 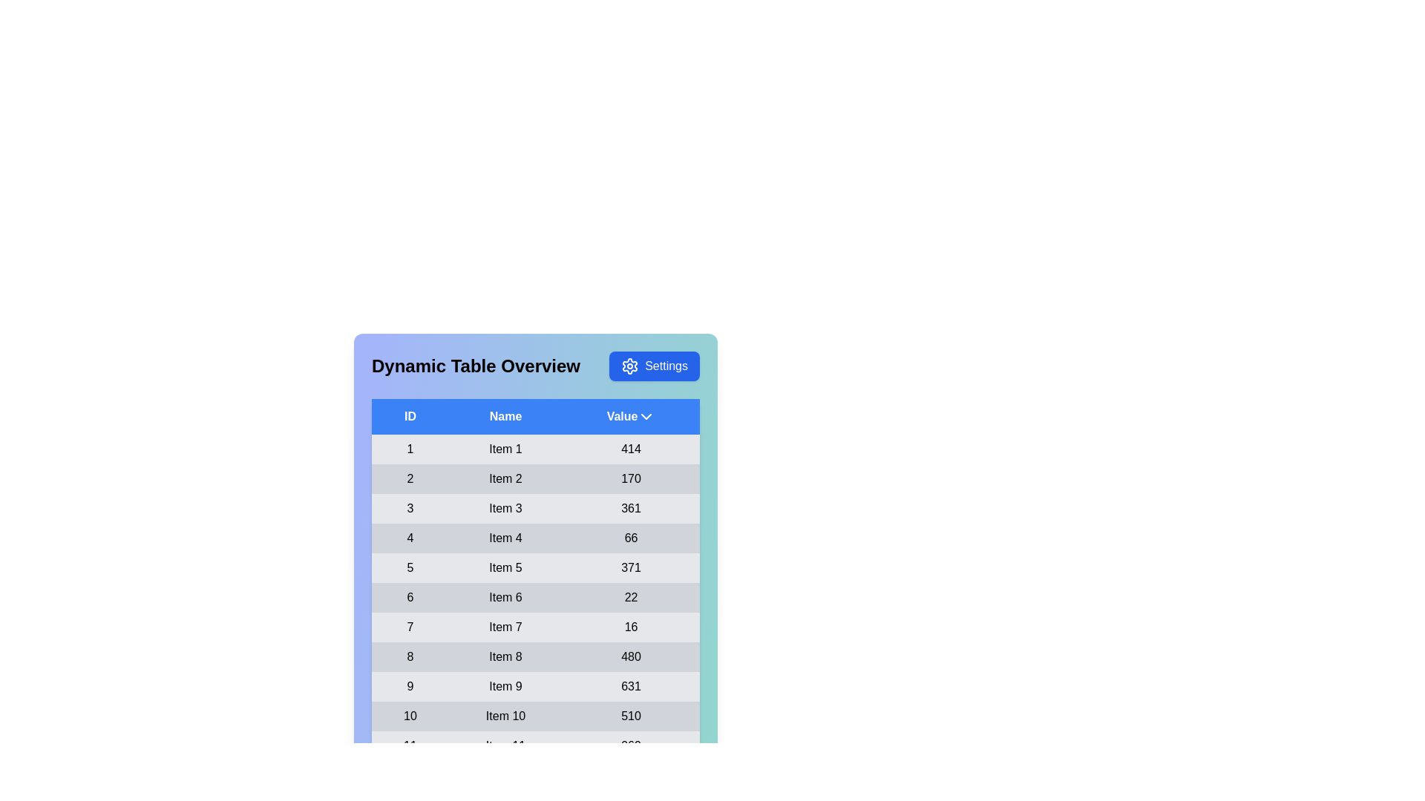 I want to click on the settings button to open the settings menu, so click(x=654, y=366).